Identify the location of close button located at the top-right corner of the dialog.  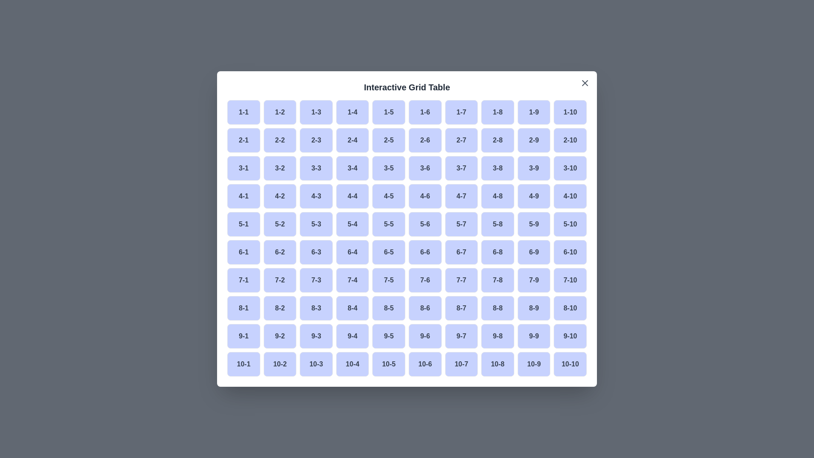
(585, 83).